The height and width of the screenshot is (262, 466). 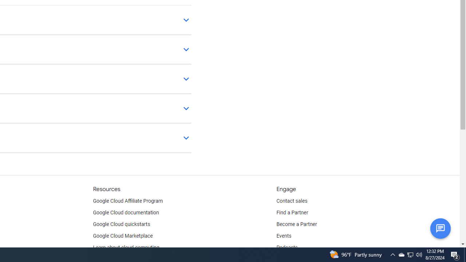 What do you see at coordinates (292, 213) in the screenshot?
I see `'Find a Partner'` at bounding box center [292, 213].